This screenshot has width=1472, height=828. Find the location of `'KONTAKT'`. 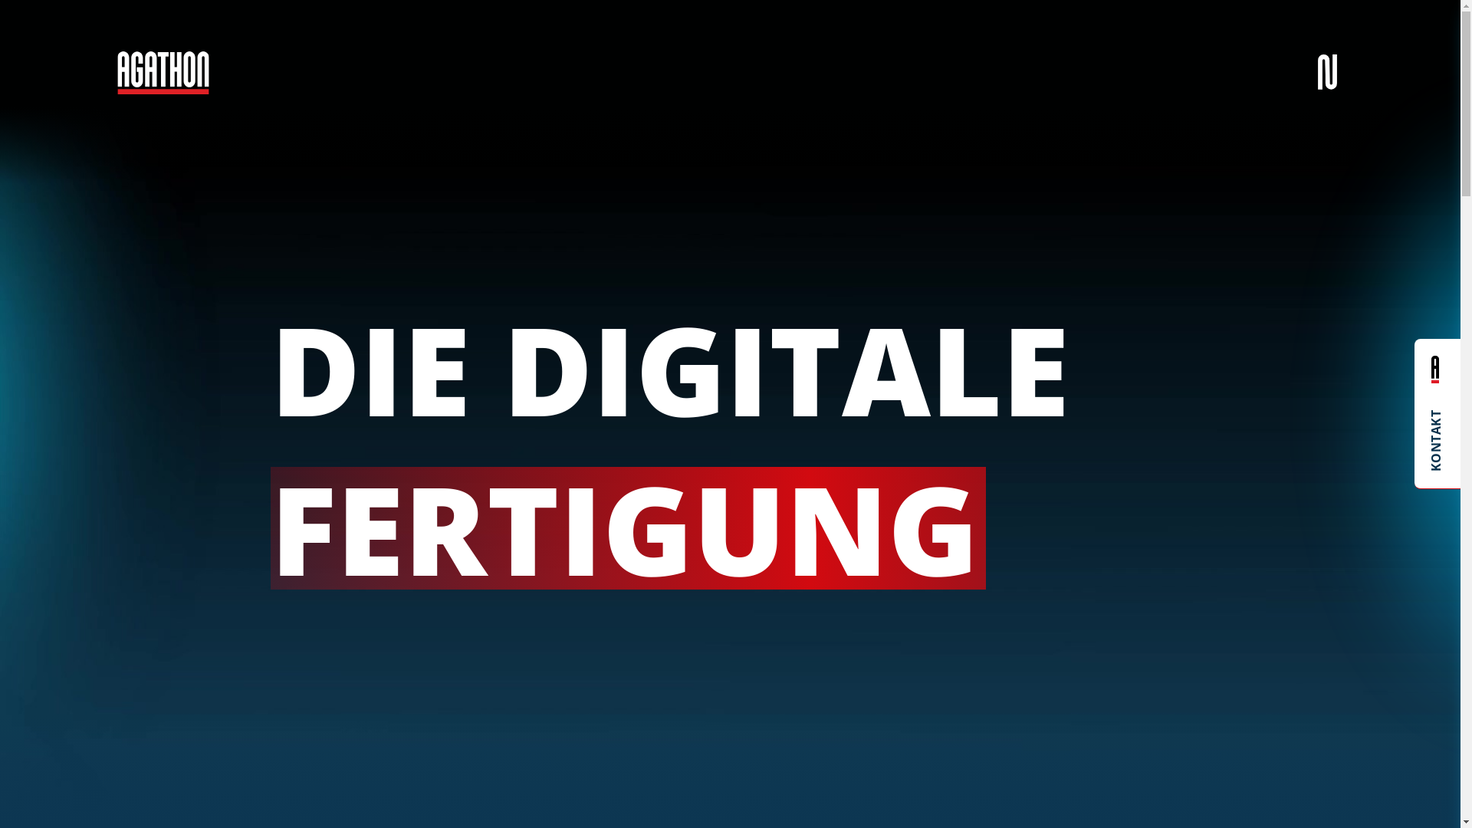

'KONTAKT' is located at coordinates (1437, 414).